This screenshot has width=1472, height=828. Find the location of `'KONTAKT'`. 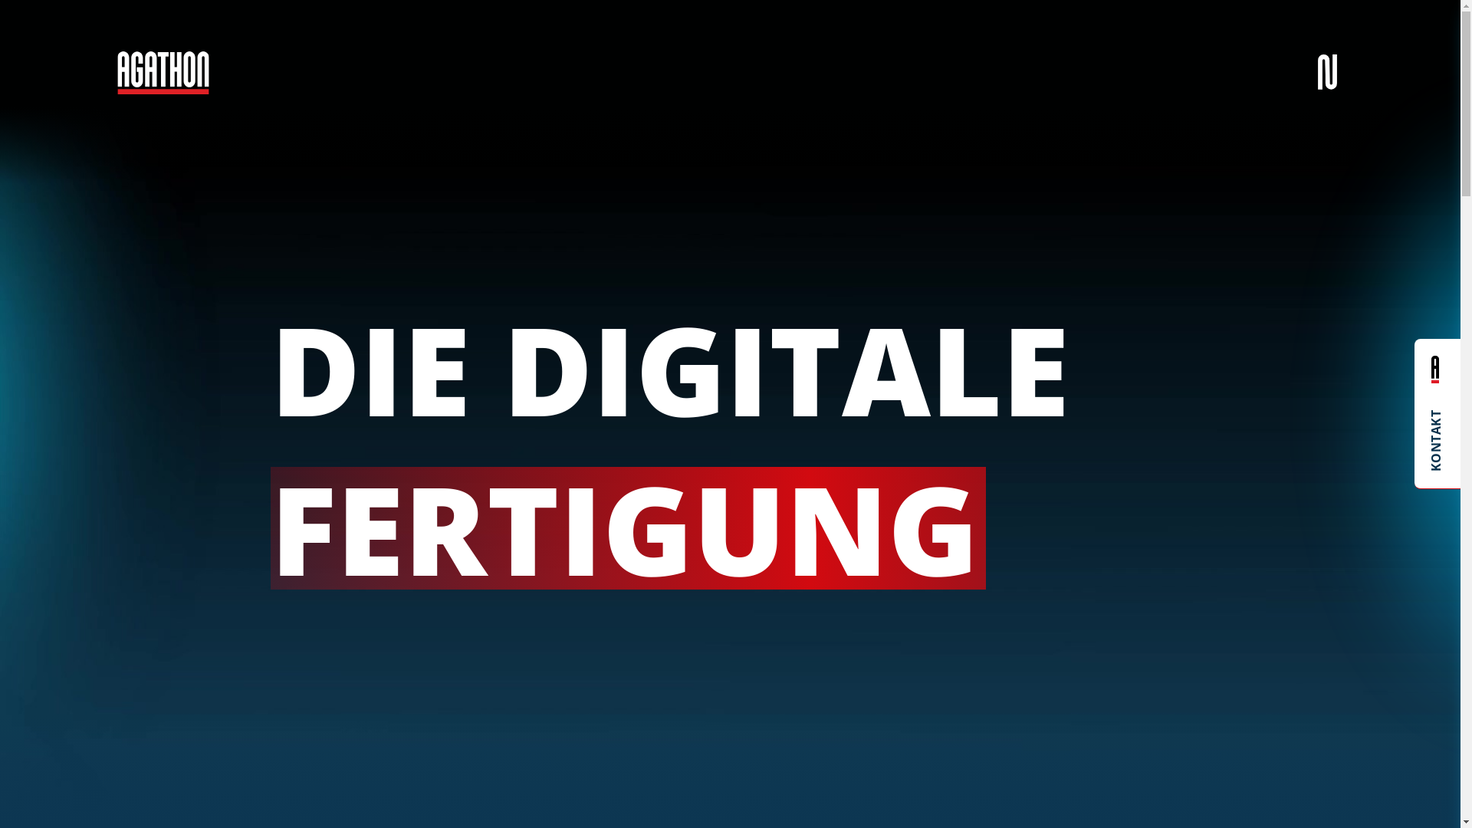

'KONTAKT' is located at coordinates (1437, 414).